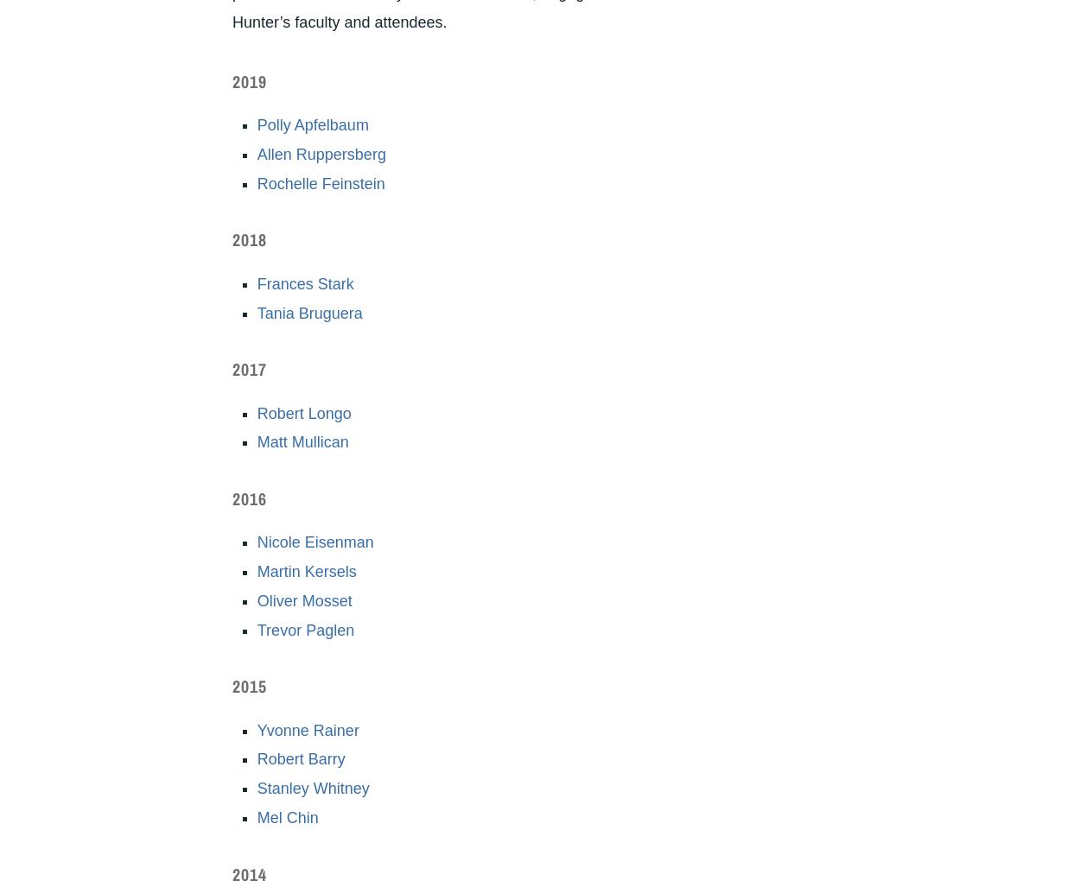 Image resolution: width=1080 pixels, height=881 pixels. Describe the element at coordinates (257, 816) in the screenshot. I see `'Mel Chin'` at that location.